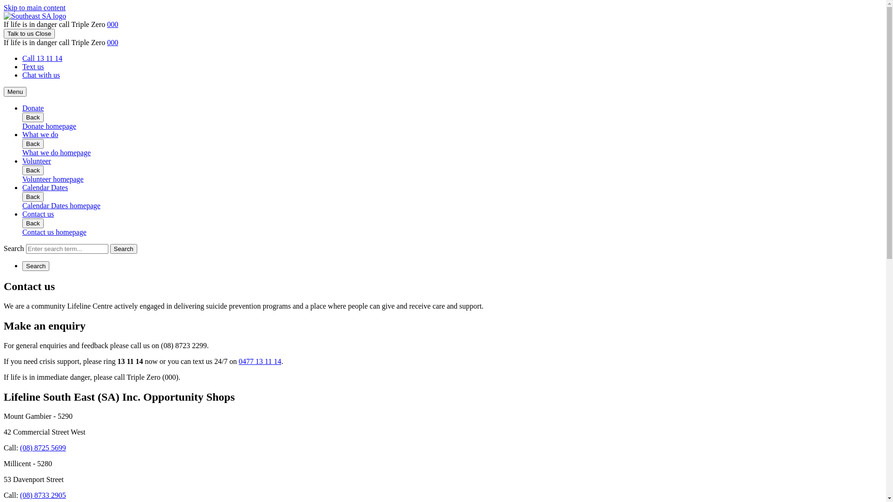 Image resolution: width=893 pixels, height=502 pixels. I want to click on '0477 13 11 14', so click(260, 361).